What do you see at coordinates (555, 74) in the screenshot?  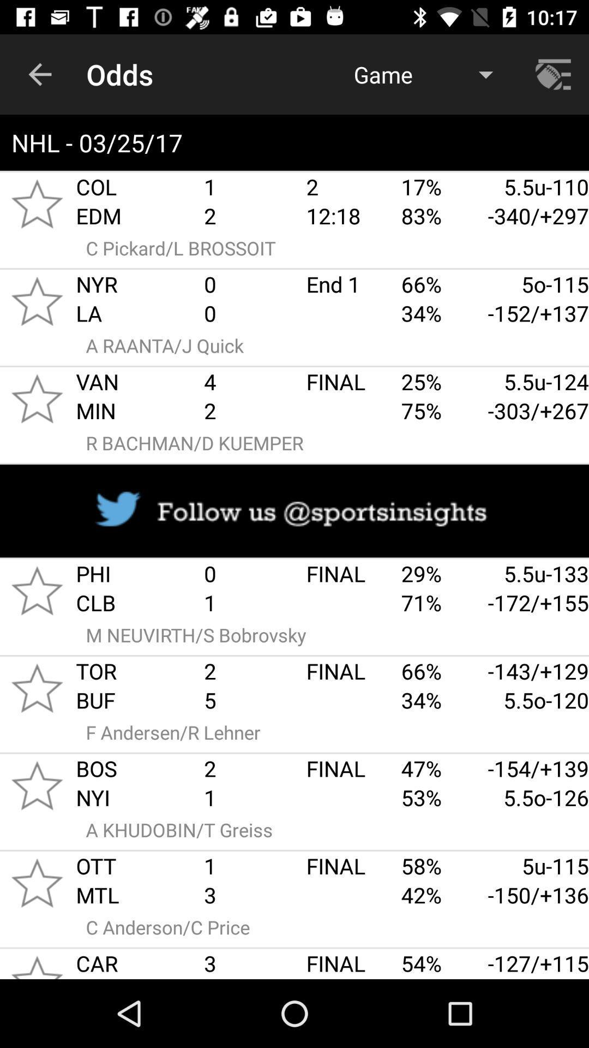 I see `setting` at bounding box center [555, 74].